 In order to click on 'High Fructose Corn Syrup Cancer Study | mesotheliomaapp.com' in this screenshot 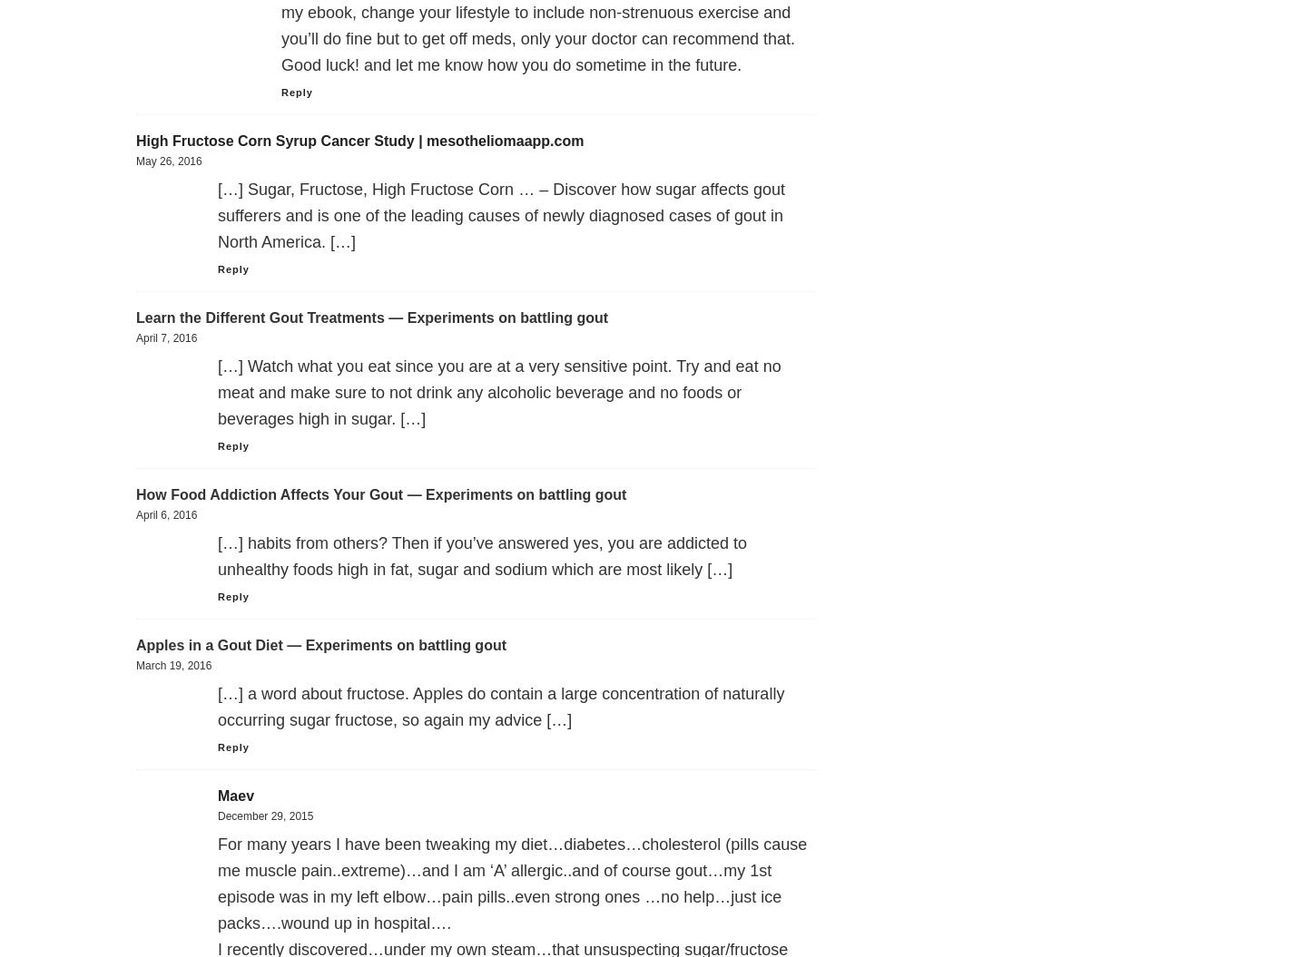, I will do `click(359, 141)`.